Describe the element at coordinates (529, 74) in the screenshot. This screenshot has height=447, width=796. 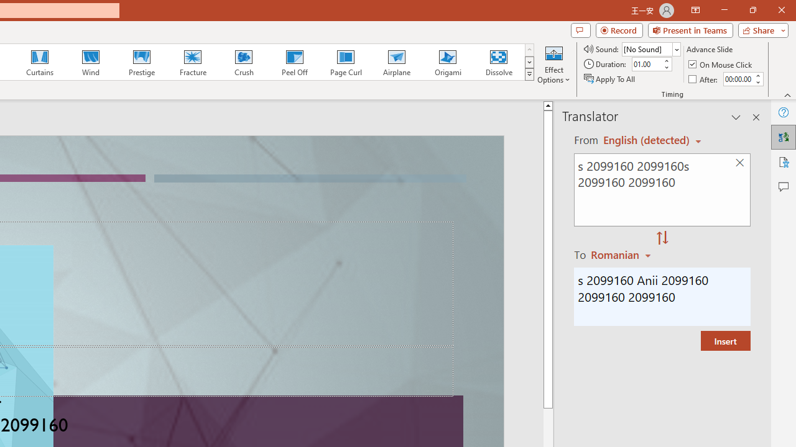
I see `'Transition Effects'` at that location.